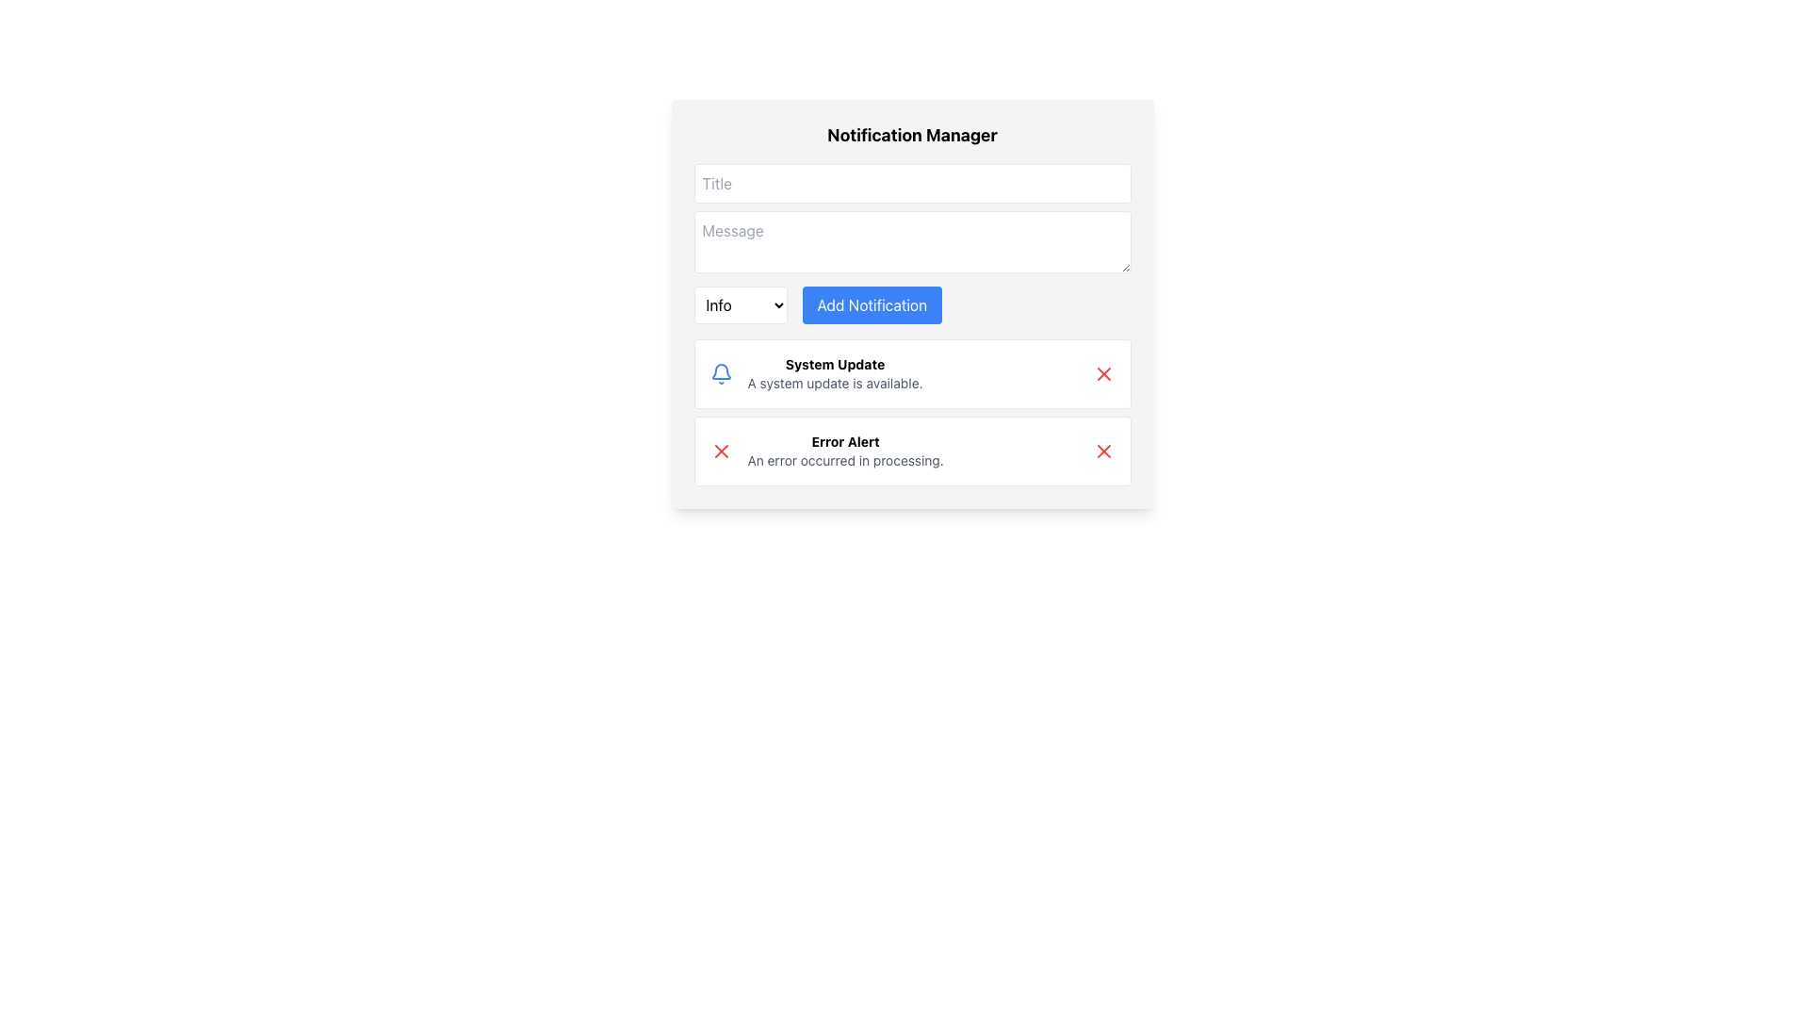 The width and height of the screenshot is (1809, 1018). I want to click on error message from the Text Label that displays 'Error Alert' and 'An error occurred in processing,' located below 'System Update' and to the right of the red 'X' icon, so click(844, 451).